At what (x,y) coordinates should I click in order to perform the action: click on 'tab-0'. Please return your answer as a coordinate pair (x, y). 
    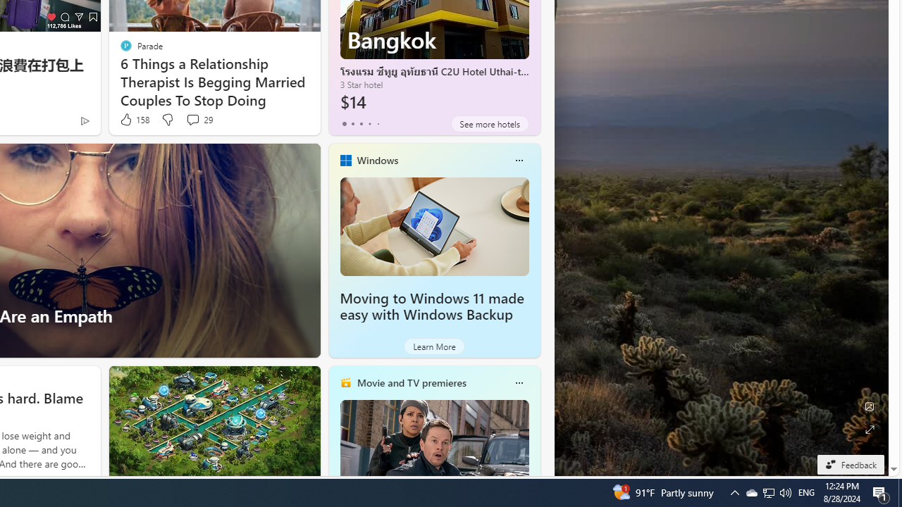
    Looking at the image, I should click on (344, 123).